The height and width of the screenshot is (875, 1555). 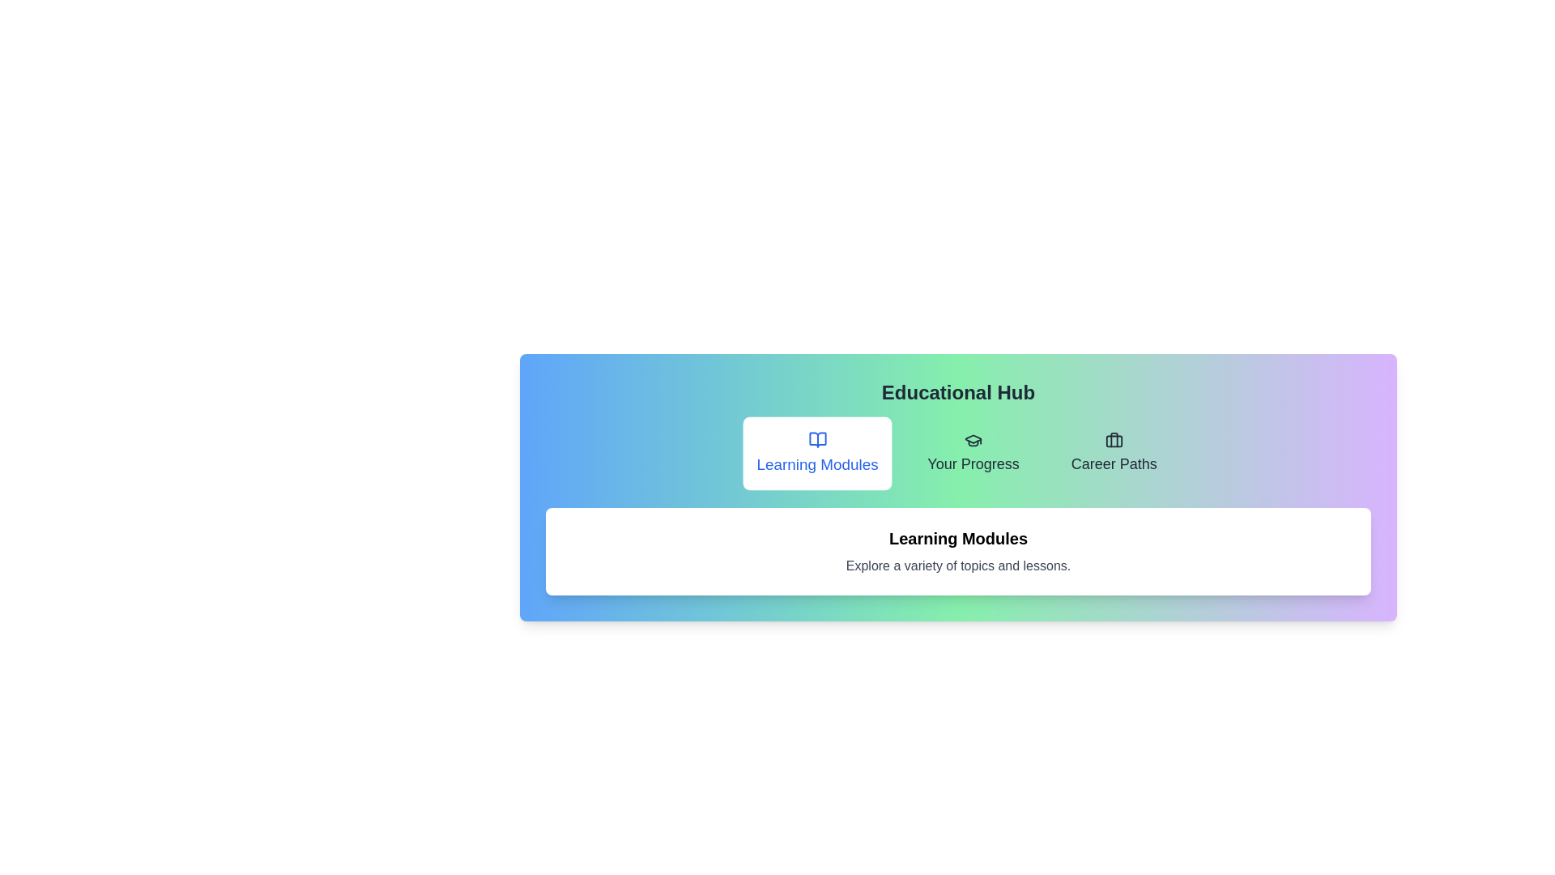 I want to click on the tab Your Progress to view its content, so click(x=973, y=453).